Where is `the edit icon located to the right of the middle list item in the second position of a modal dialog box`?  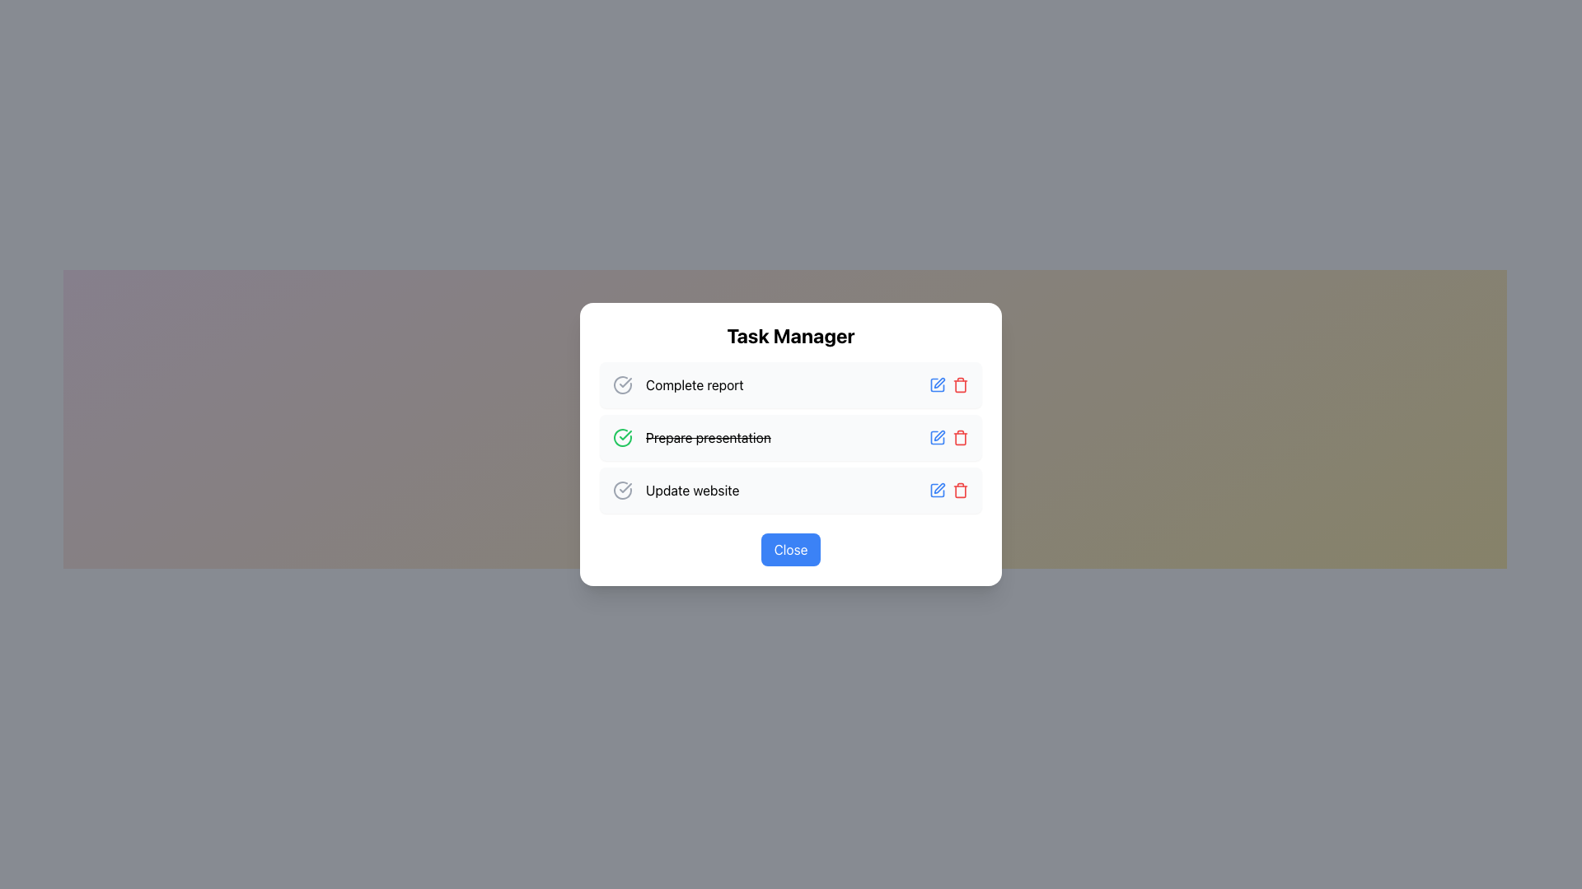 the edit icon located to the right of the middle list item in the second position of a modal dialog box is located at coordinates (939, 383).